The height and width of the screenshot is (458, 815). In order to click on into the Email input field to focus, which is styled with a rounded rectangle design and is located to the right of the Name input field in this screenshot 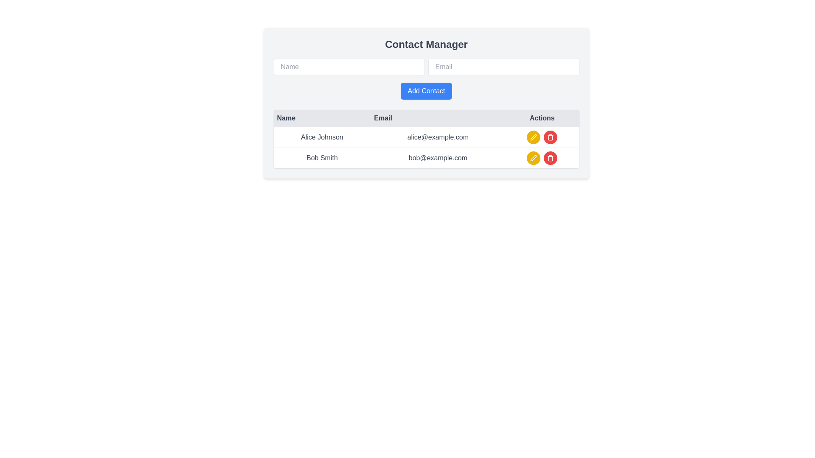, I will do `click(503, 67)`.